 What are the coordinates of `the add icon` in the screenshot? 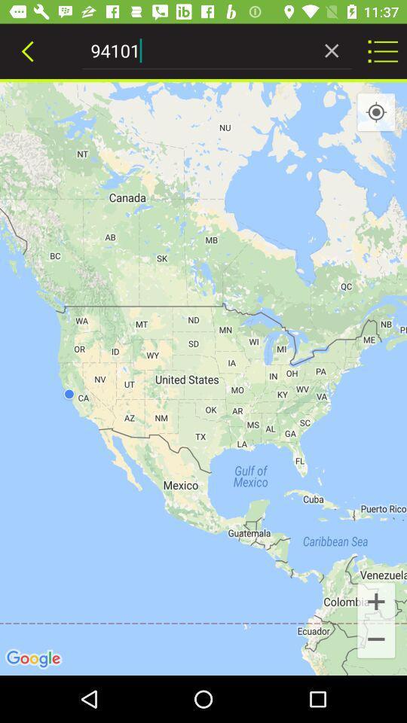 It's located at (375, 601).